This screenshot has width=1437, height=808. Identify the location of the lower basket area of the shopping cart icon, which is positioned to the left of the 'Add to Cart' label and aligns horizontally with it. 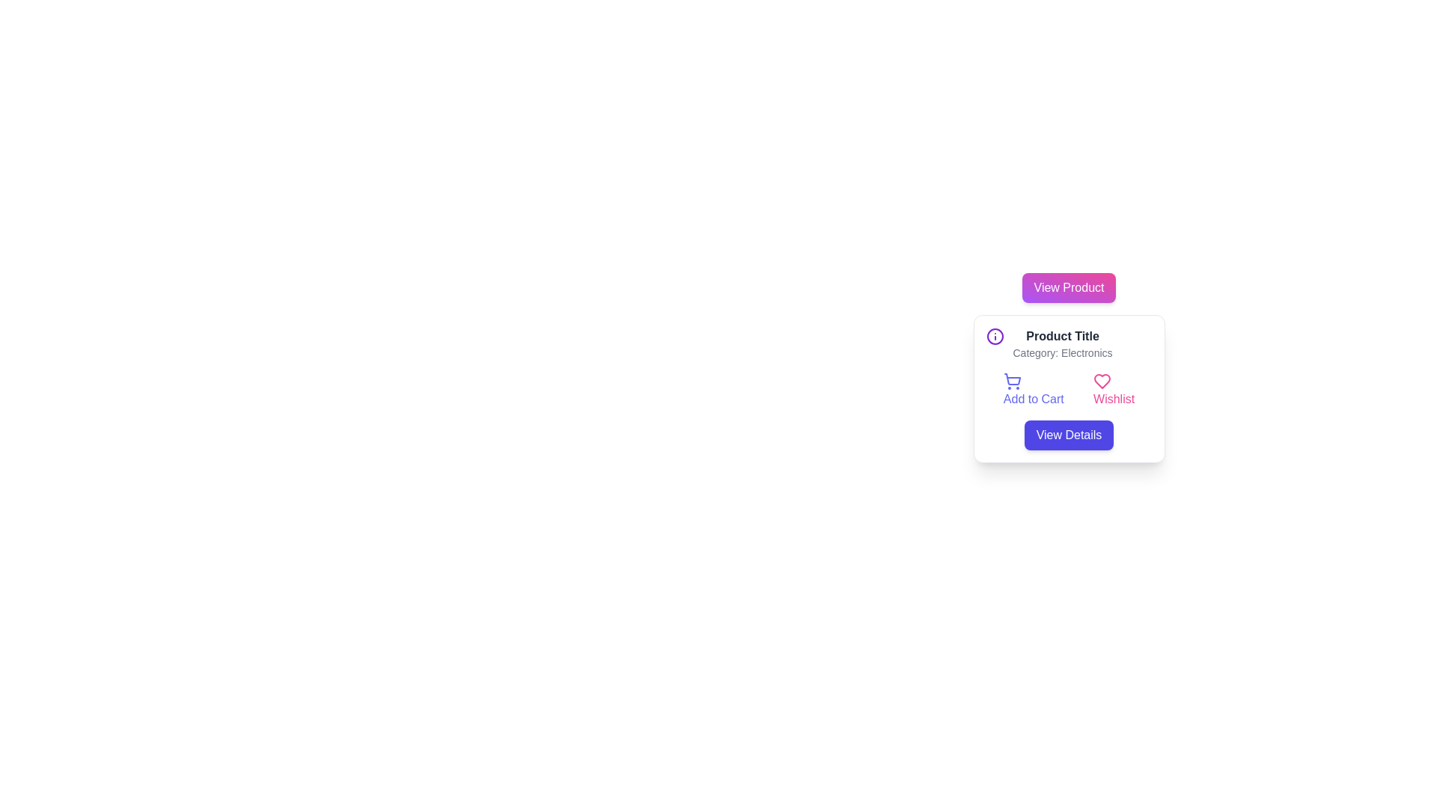
(1012, 379).